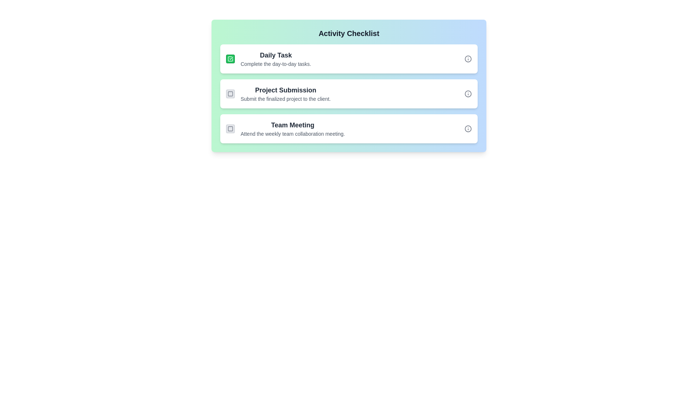 The height and width of the screenshot is (393, 699). What do you see at coordinates (348, 85) in the screenshot?
I see `the gray square checkbox next to the 'Project Submission' task in the checklist to mark it as complete` at bounding box center [348, 85].